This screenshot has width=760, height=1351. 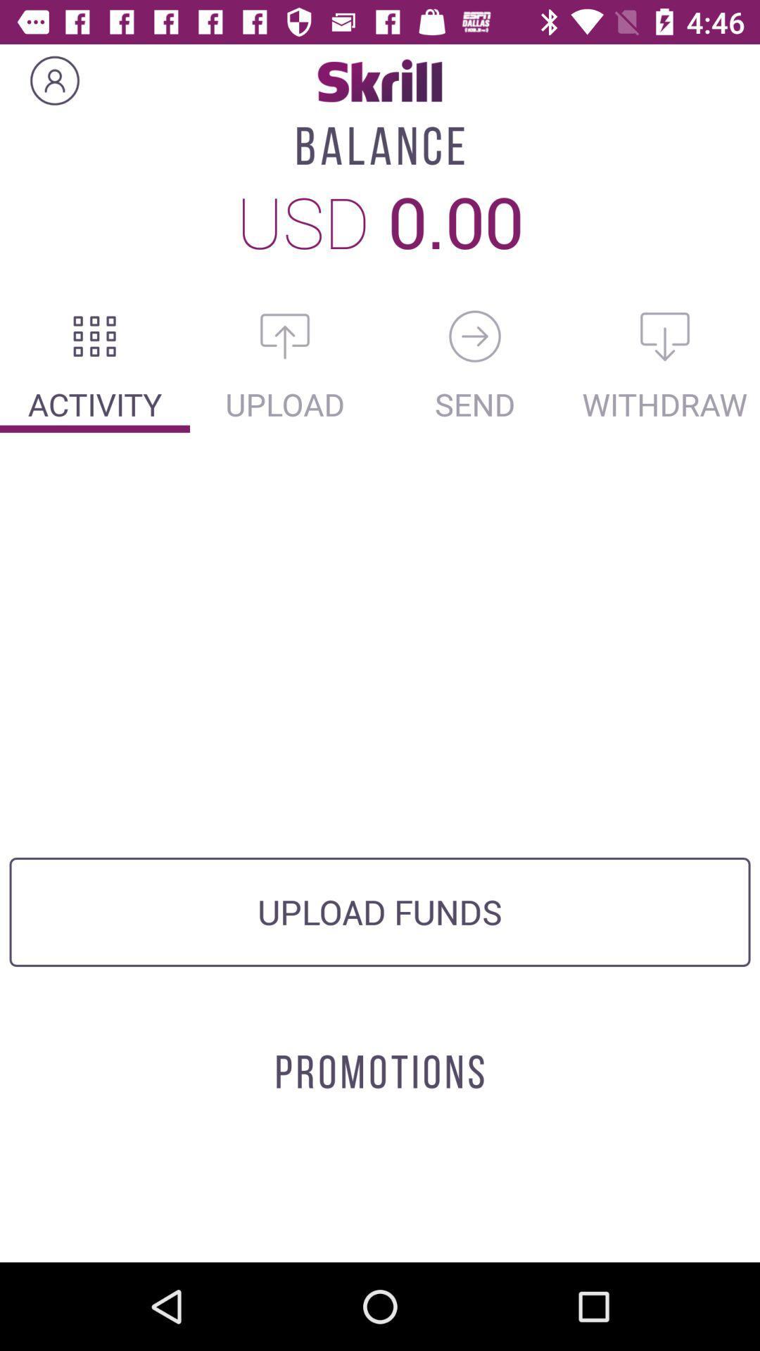 I want to click on activity button, so click(x=95, y=336).